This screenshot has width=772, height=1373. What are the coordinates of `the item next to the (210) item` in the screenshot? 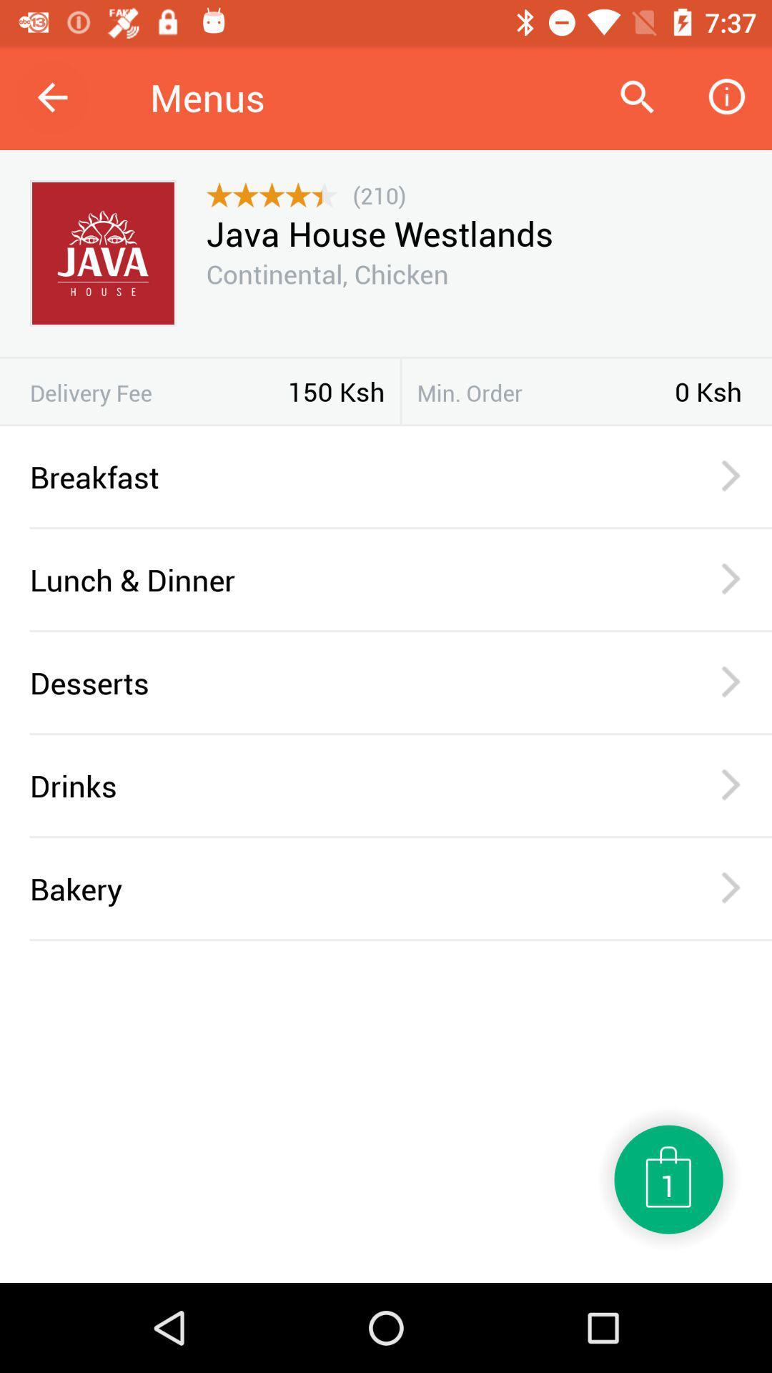 It's located at (272, 195).